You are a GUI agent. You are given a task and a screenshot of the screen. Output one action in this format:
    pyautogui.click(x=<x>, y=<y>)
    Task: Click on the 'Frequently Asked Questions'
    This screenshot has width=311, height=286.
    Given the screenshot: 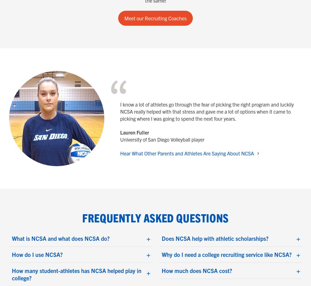 What is the action you would take?
    pyautogui.click(x=155, y=217)
    